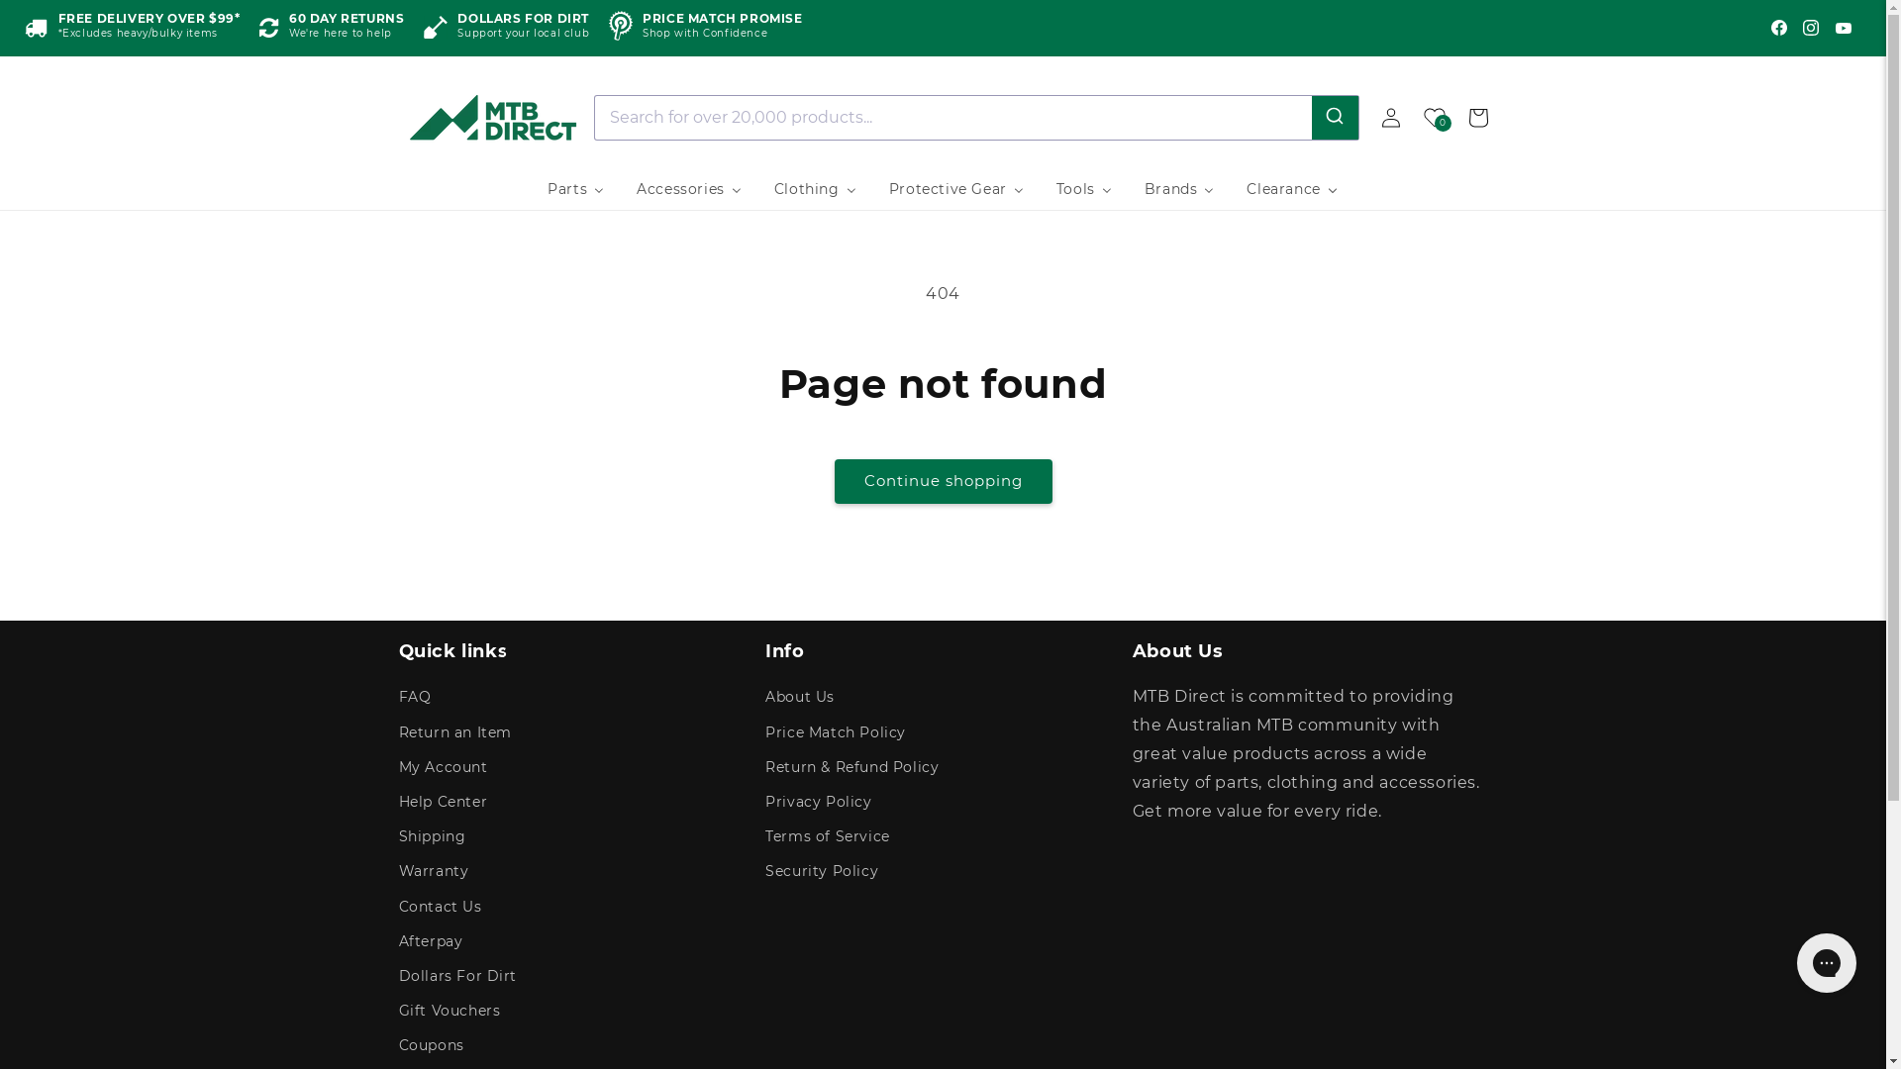 This screenshot has width=1901, height=1069. Describe the element at coordinates (397, 698) in the screenshot. I see `'FAQ'` at that location.